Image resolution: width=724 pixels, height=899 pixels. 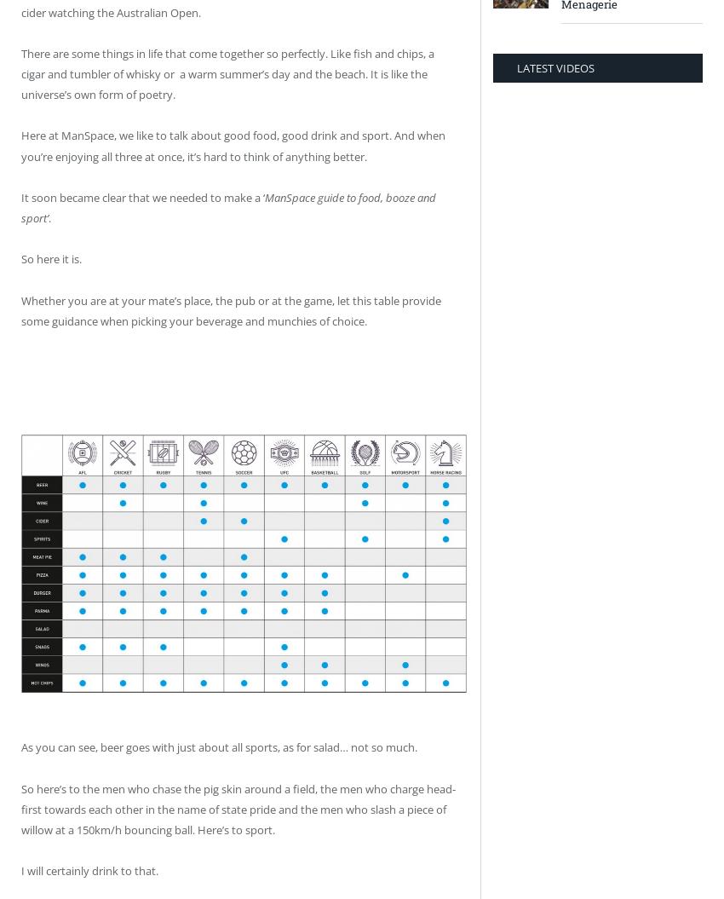 I want to click on 'Here at ManSpace, we like to talk about good food, good drink and sport. And when you’re enjoying all three at once, it’s hard to think of anything better.', so click(x=20, y=146).